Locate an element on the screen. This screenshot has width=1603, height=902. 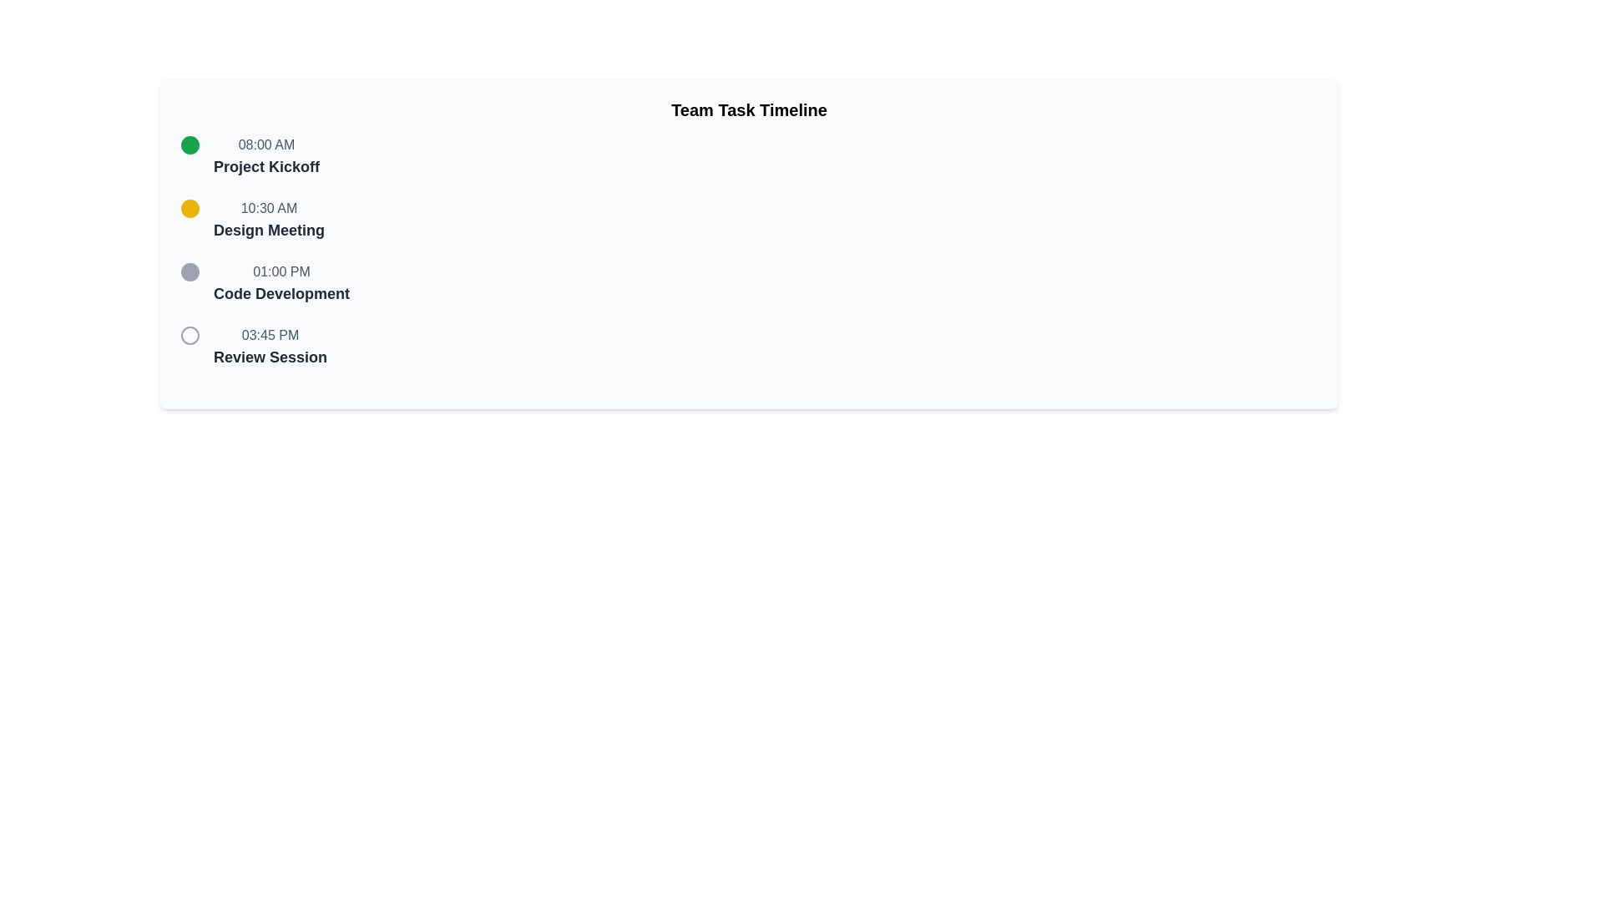
the green Circular Icon representing the status or progress step in the timeline, which is adjacent to the label '08:00 AM Project Kickoff' is located at coordinates (190, 144).